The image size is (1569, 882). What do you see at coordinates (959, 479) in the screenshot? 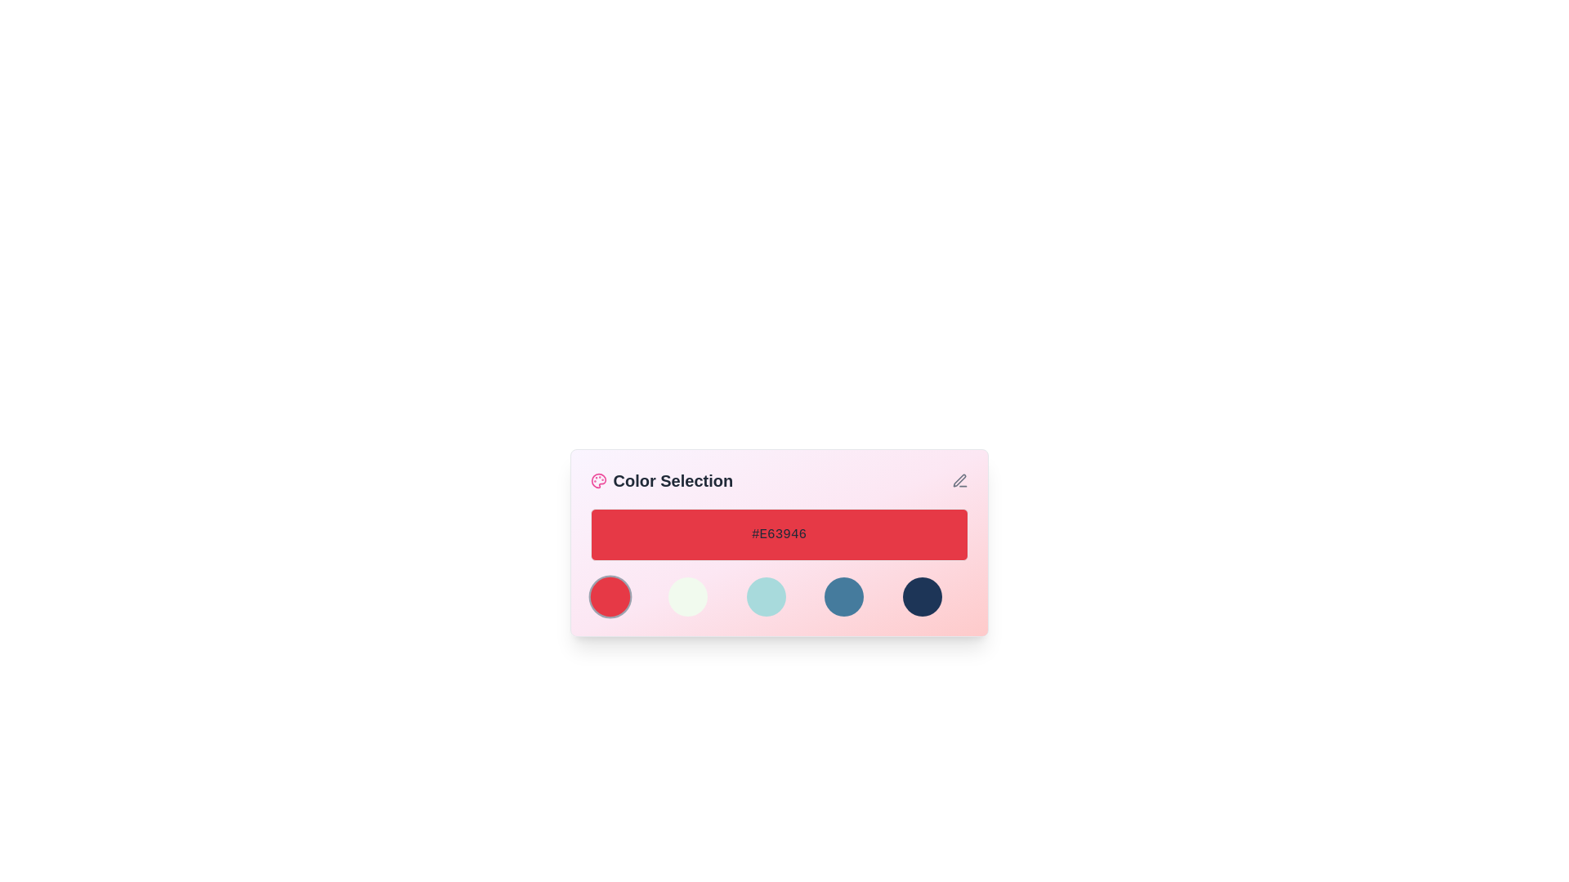
I see `the pen or pencil icon located in the top-right corner of the Color Selection panel, adjacent to the 'Color Selection' label` at bounding box center [959, 479].